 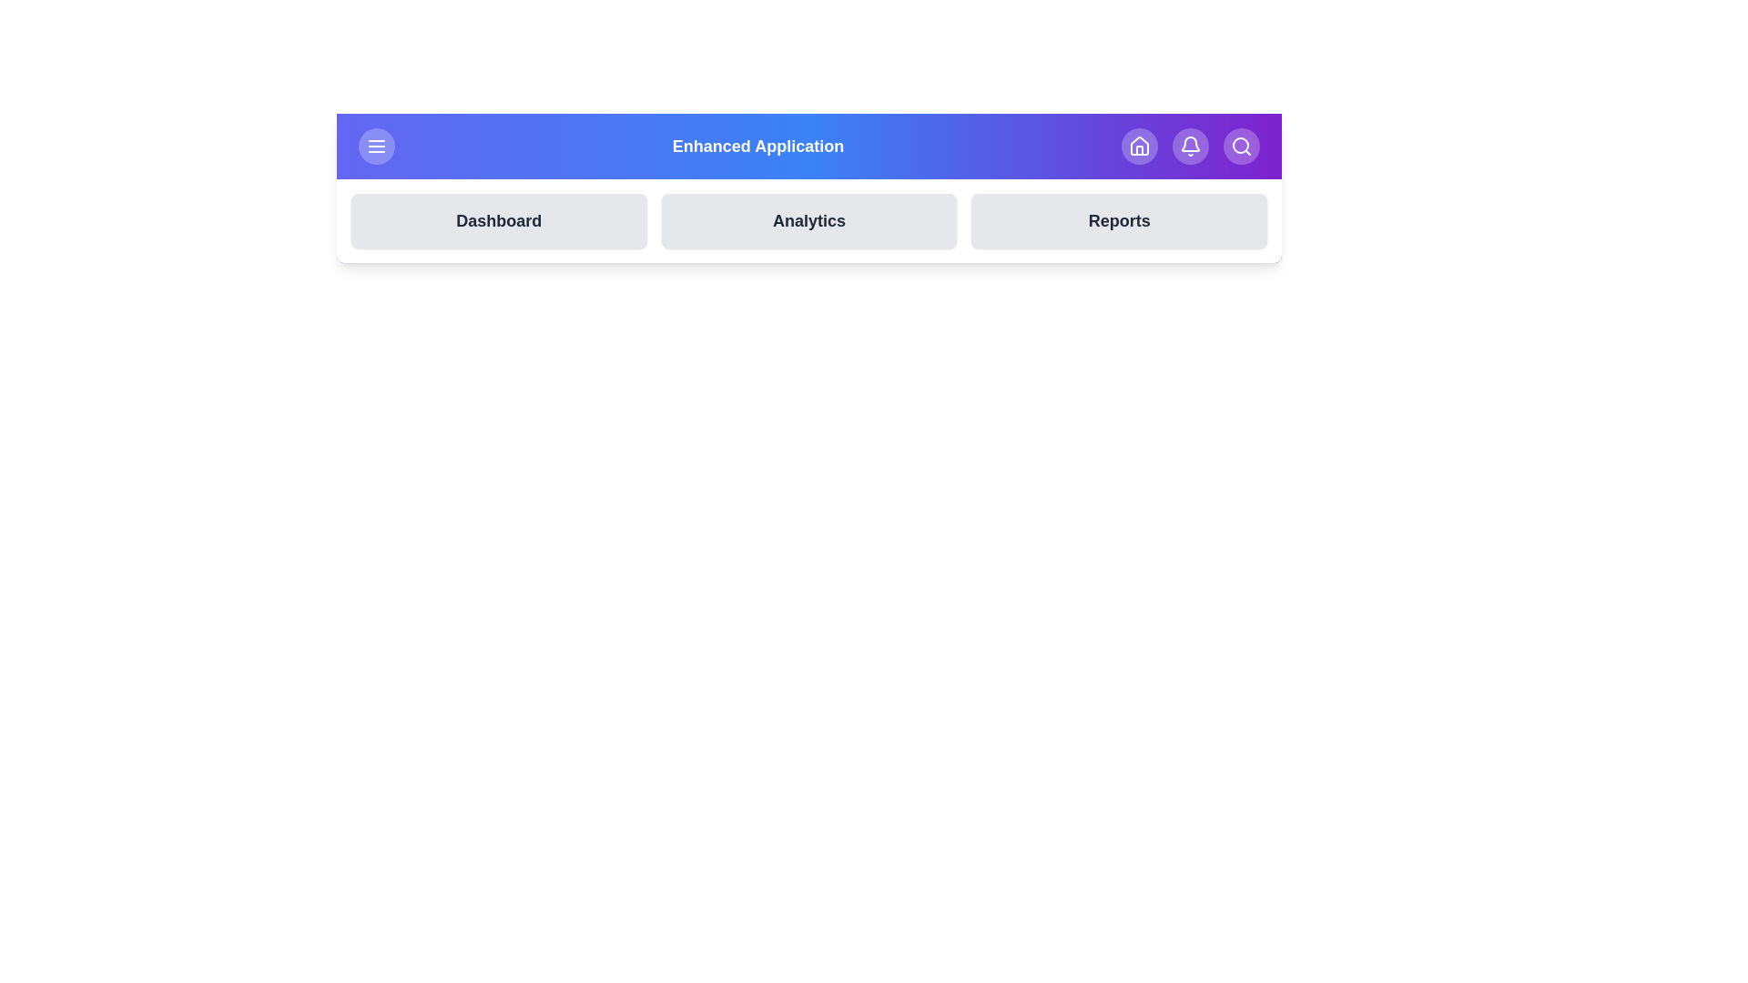 What do you see at coordinates (1118, 220) in the screenshot?
I see `the button labeled Reports to observe the visual feedback` at bounding box center [1118, 220].